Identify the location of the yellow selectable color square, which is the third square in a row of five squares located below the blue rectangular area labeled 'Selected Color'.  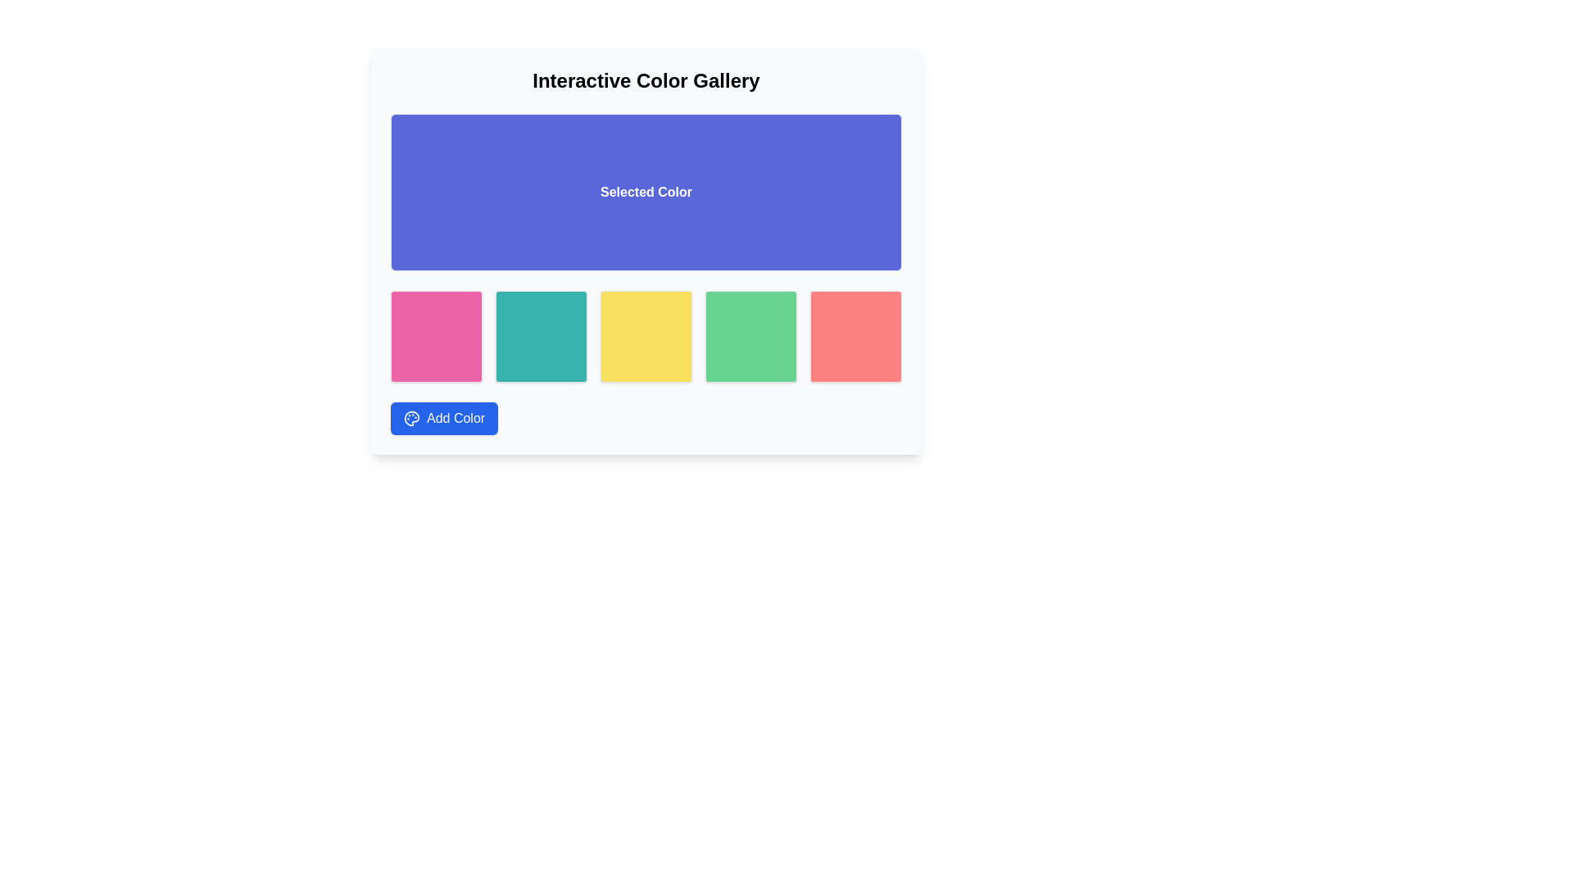
(645, 336).